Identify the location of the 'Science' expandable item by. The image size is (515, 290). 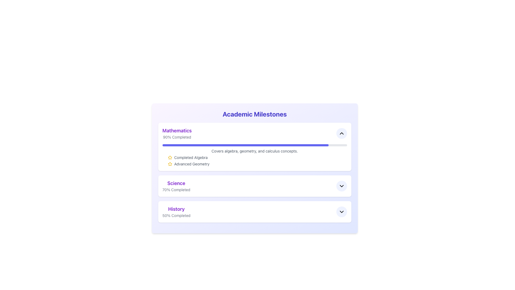
(254, 186).